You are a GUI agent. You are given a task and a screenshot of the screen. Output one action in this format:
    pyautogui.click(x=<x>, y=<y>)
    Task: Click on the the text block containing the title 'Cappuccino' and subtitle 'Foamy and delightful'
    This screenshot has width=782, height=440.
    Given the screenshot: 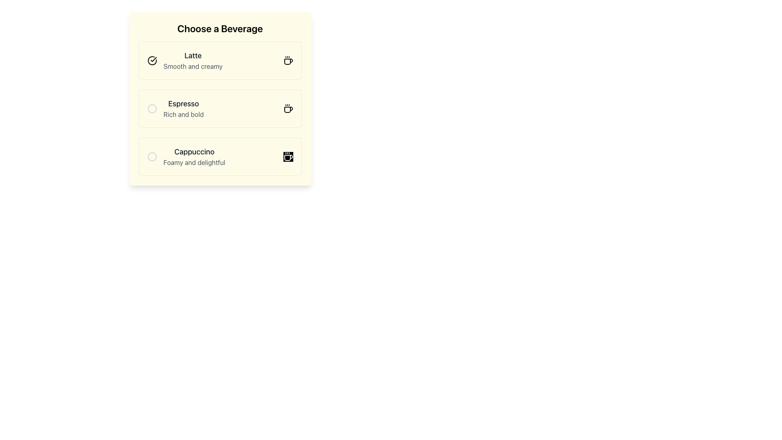 What is the action you would take?
    pyautogui.click(x=194, y=157)
    